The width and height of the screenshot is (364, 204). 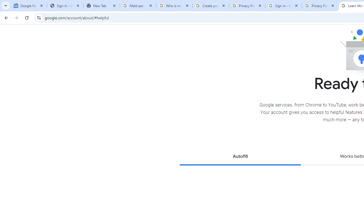 I want to click on 'Google News', so click(x=28, y=6).